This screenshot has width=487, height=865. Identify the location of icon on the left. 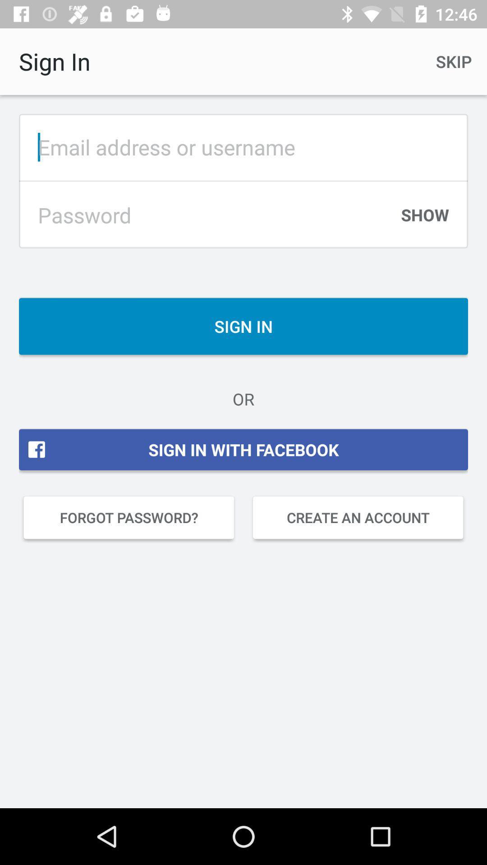
(129, 517).